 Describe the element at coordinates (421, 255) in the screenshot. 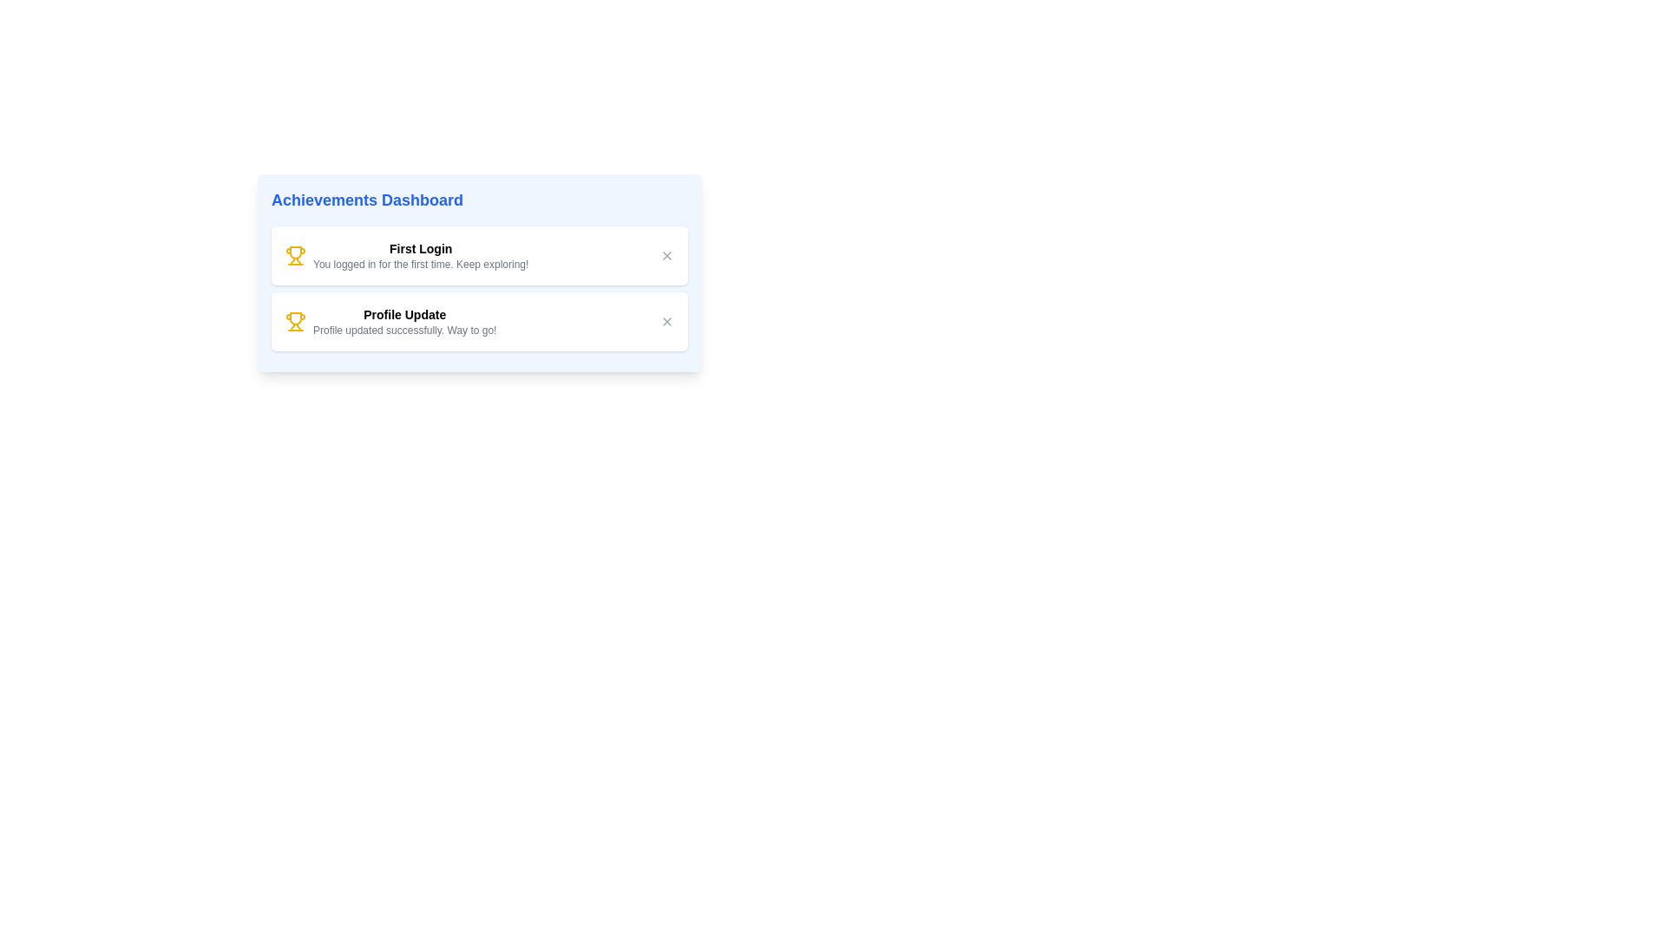

I see `text block displaying 'First Login' which is bold and has a gray description underneath, located at the top of the 'Achievements Dashboard'` at that location.